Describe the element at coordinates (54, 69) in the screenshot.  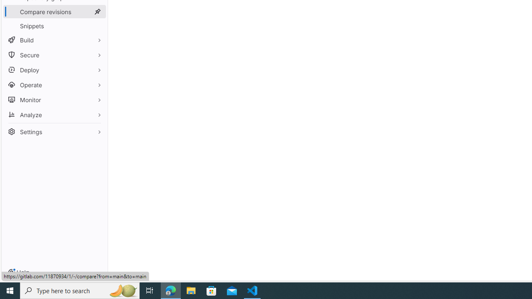
I see `'Deploy'` at that location.